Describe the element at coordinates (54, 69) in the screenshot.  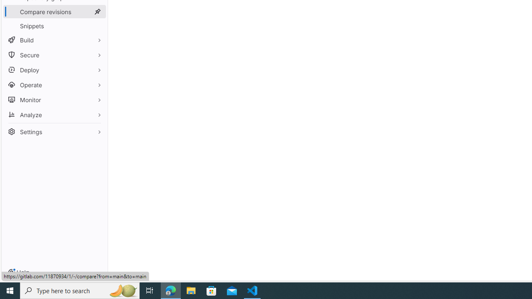
I see `'Deploy'` at that location.